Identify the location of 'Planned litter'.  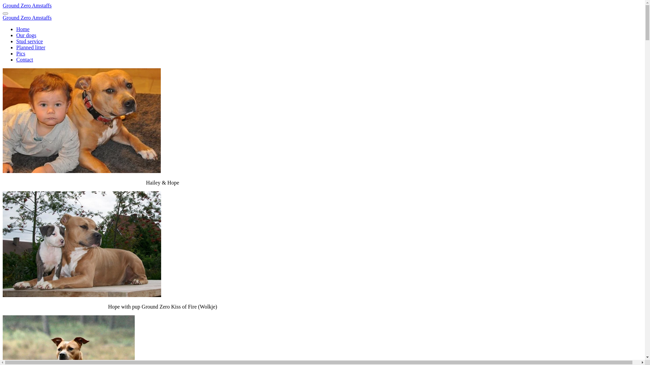
(30, 47).